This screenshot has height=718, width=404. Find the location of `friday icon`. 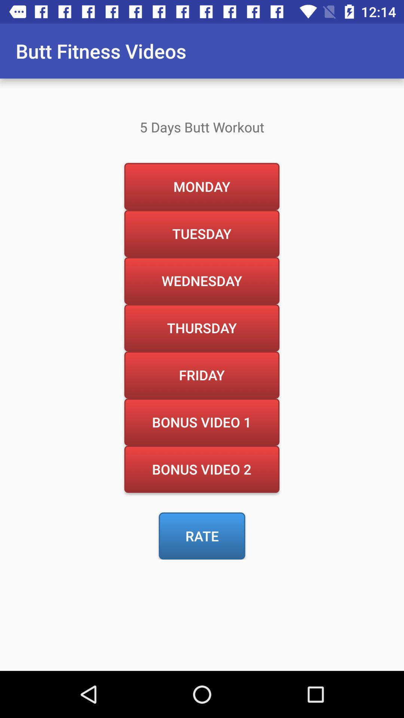

friday icon is located at coordinates (201, 375).